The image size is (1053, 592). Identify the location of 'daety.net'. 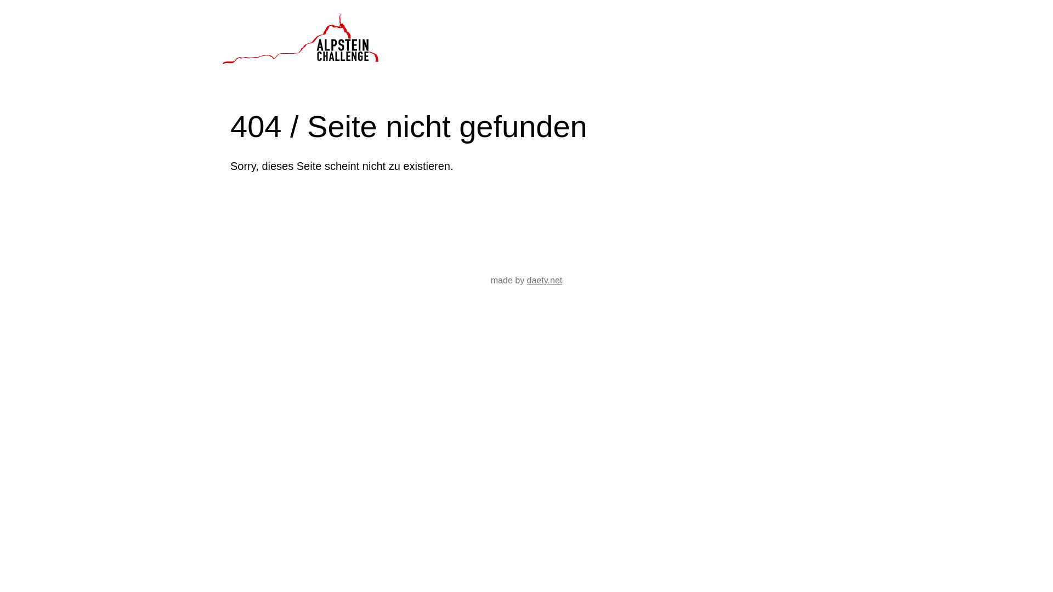
(545, 280).